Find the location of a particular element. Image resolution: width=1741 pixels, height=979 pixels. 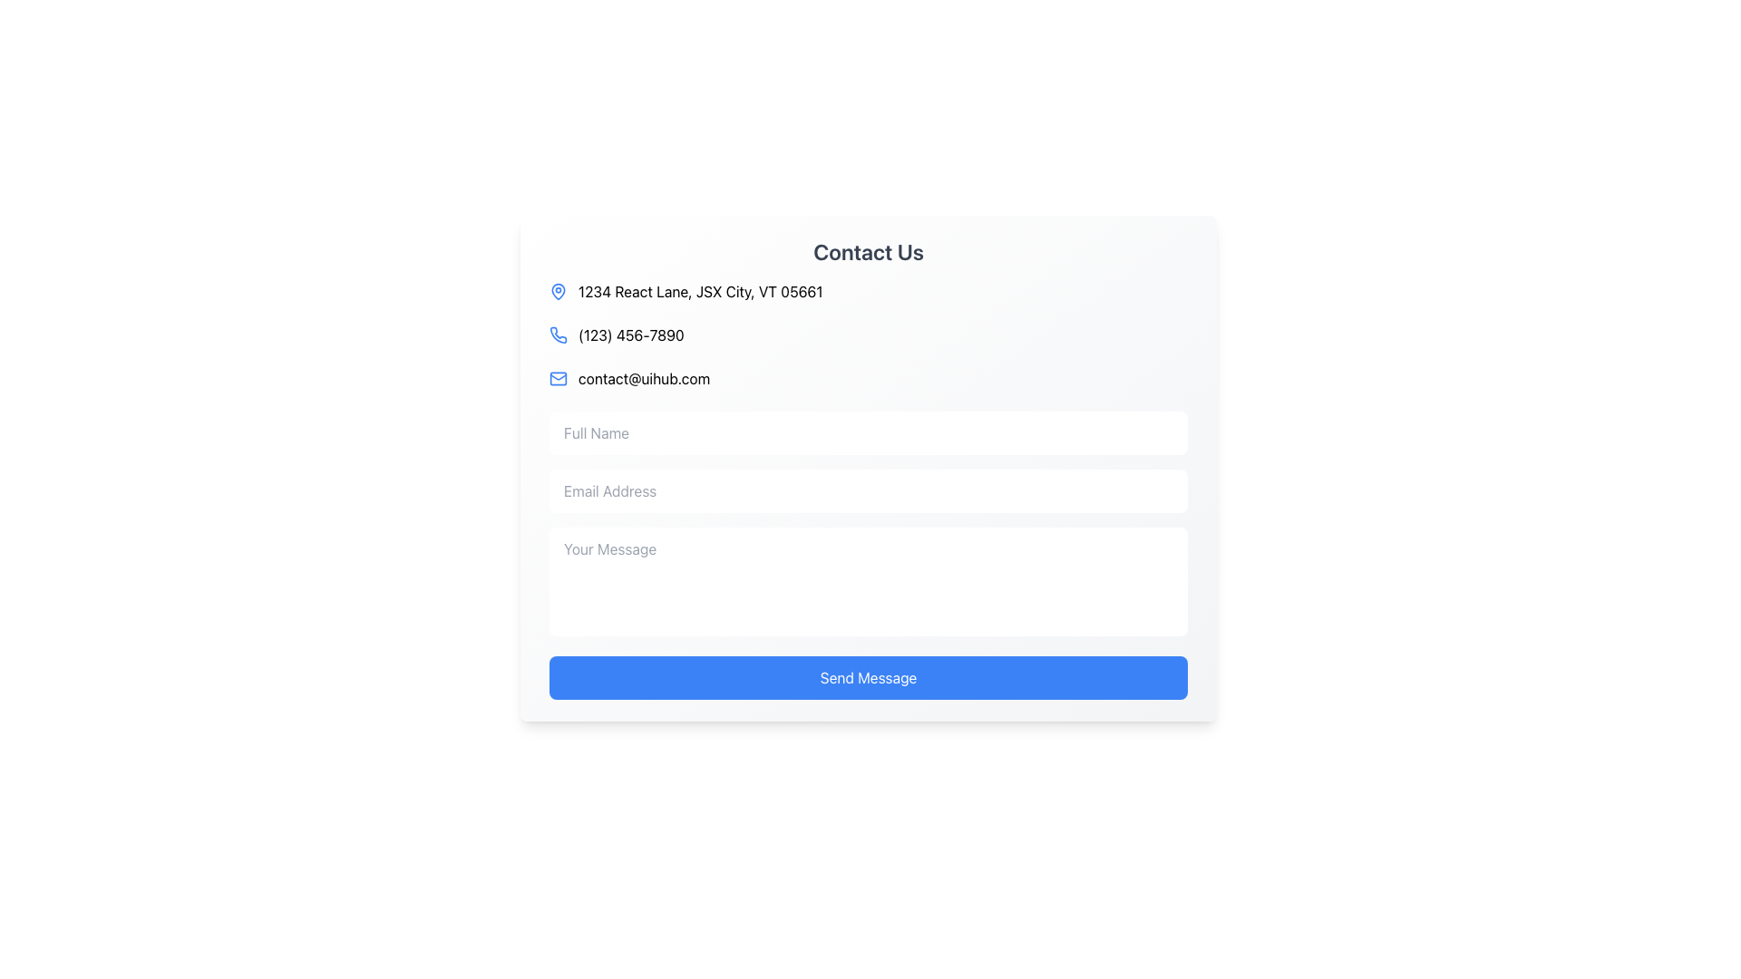

the header text element that indicates the purpose of the contact information section, located at the top-center of the white, rounded-corner box with a gradient background is located at coordinates (868, 251).